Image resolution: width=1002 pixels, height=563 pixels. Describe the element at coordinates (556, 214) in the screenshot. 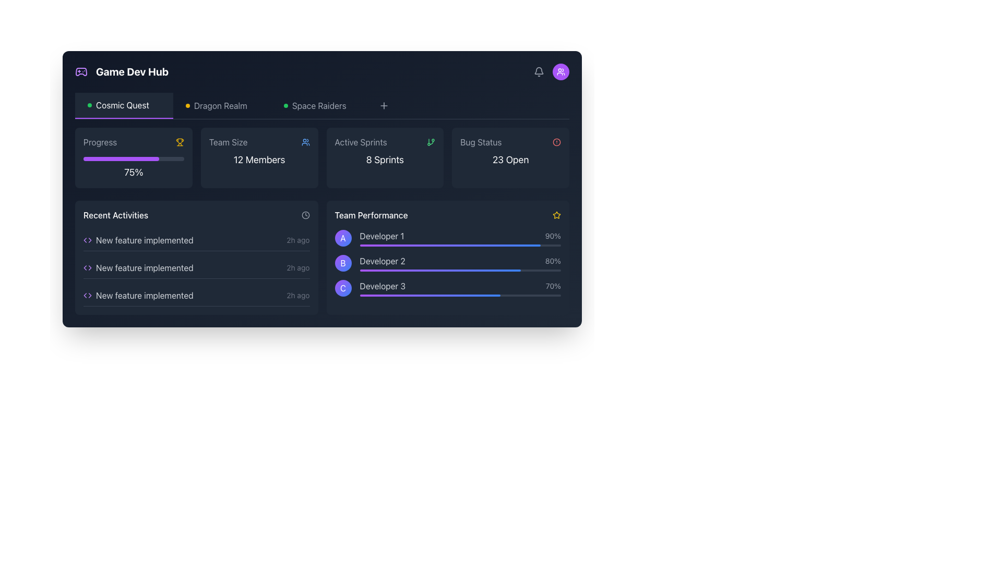

I see `the performance indicator icon located in the bottom-right section of the interface, near the 'Team Performance' area` at that location.